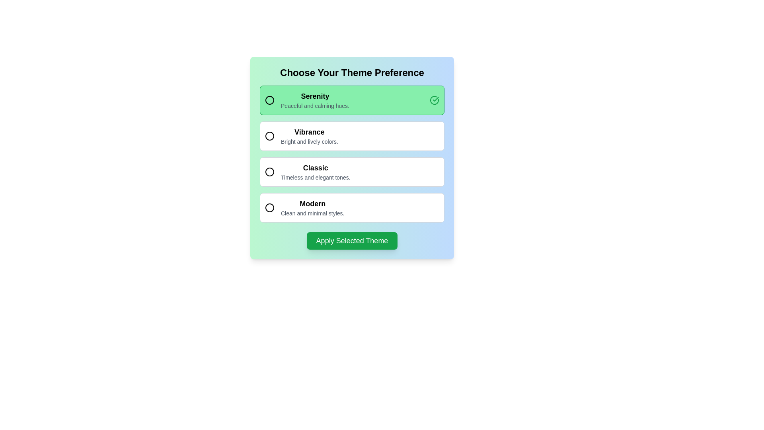 Image resolution: width=764 pixels, height=430 pixels. I want to click on the 'Vibrance' theme selectable list item, which is the second option in the group of selectable items, so click(301, 136).